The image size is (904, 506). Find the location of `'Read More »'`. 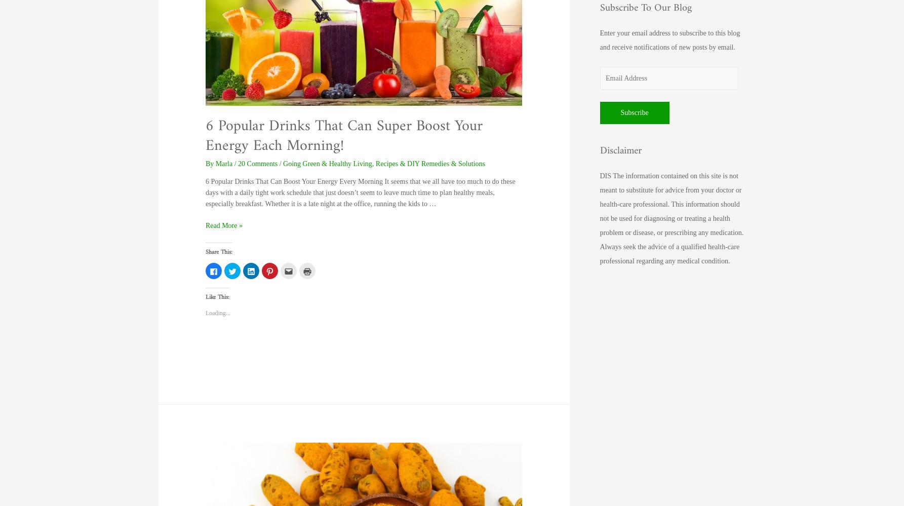

'Read More »' is located at coordinates (223, 225).